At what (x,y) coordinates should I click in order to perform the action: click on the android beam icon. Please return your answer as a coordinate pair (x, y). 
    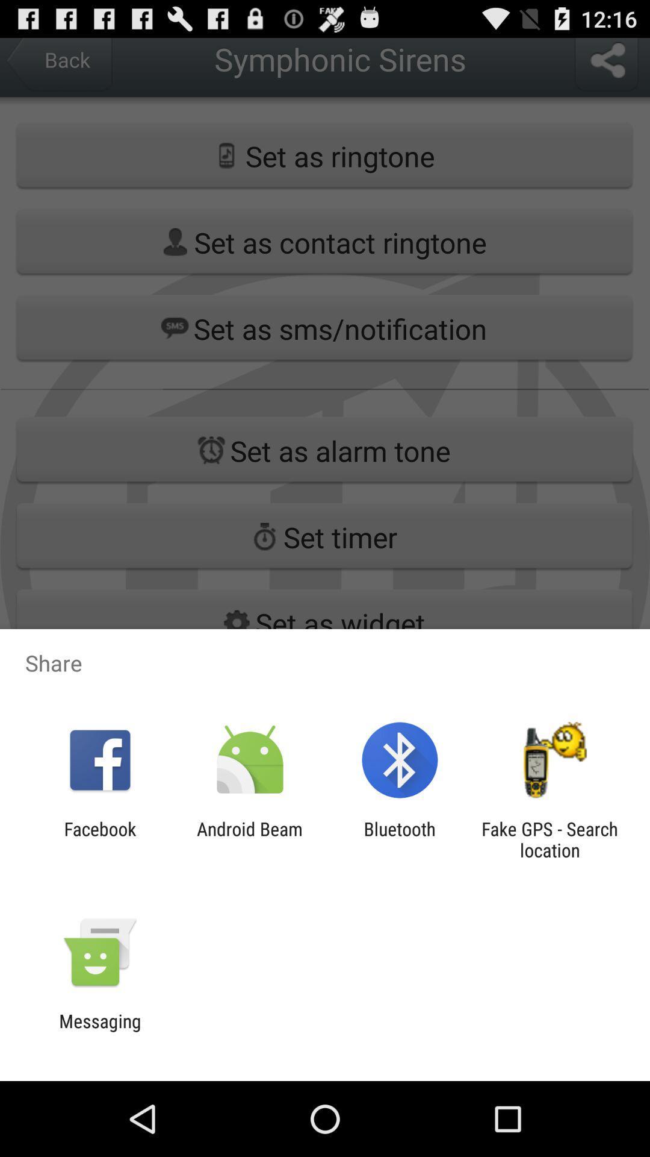
    Looking at the image, I should click on (249, 839).